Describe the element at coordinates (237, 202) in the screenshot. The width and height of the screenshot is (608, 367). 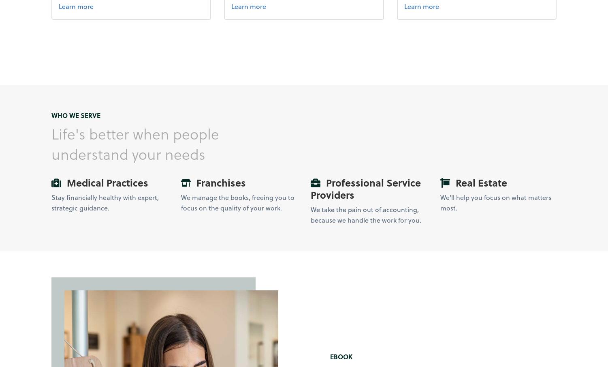
I see `'We manage the books, freeing you to focus on the quality of your work.'` at that location.